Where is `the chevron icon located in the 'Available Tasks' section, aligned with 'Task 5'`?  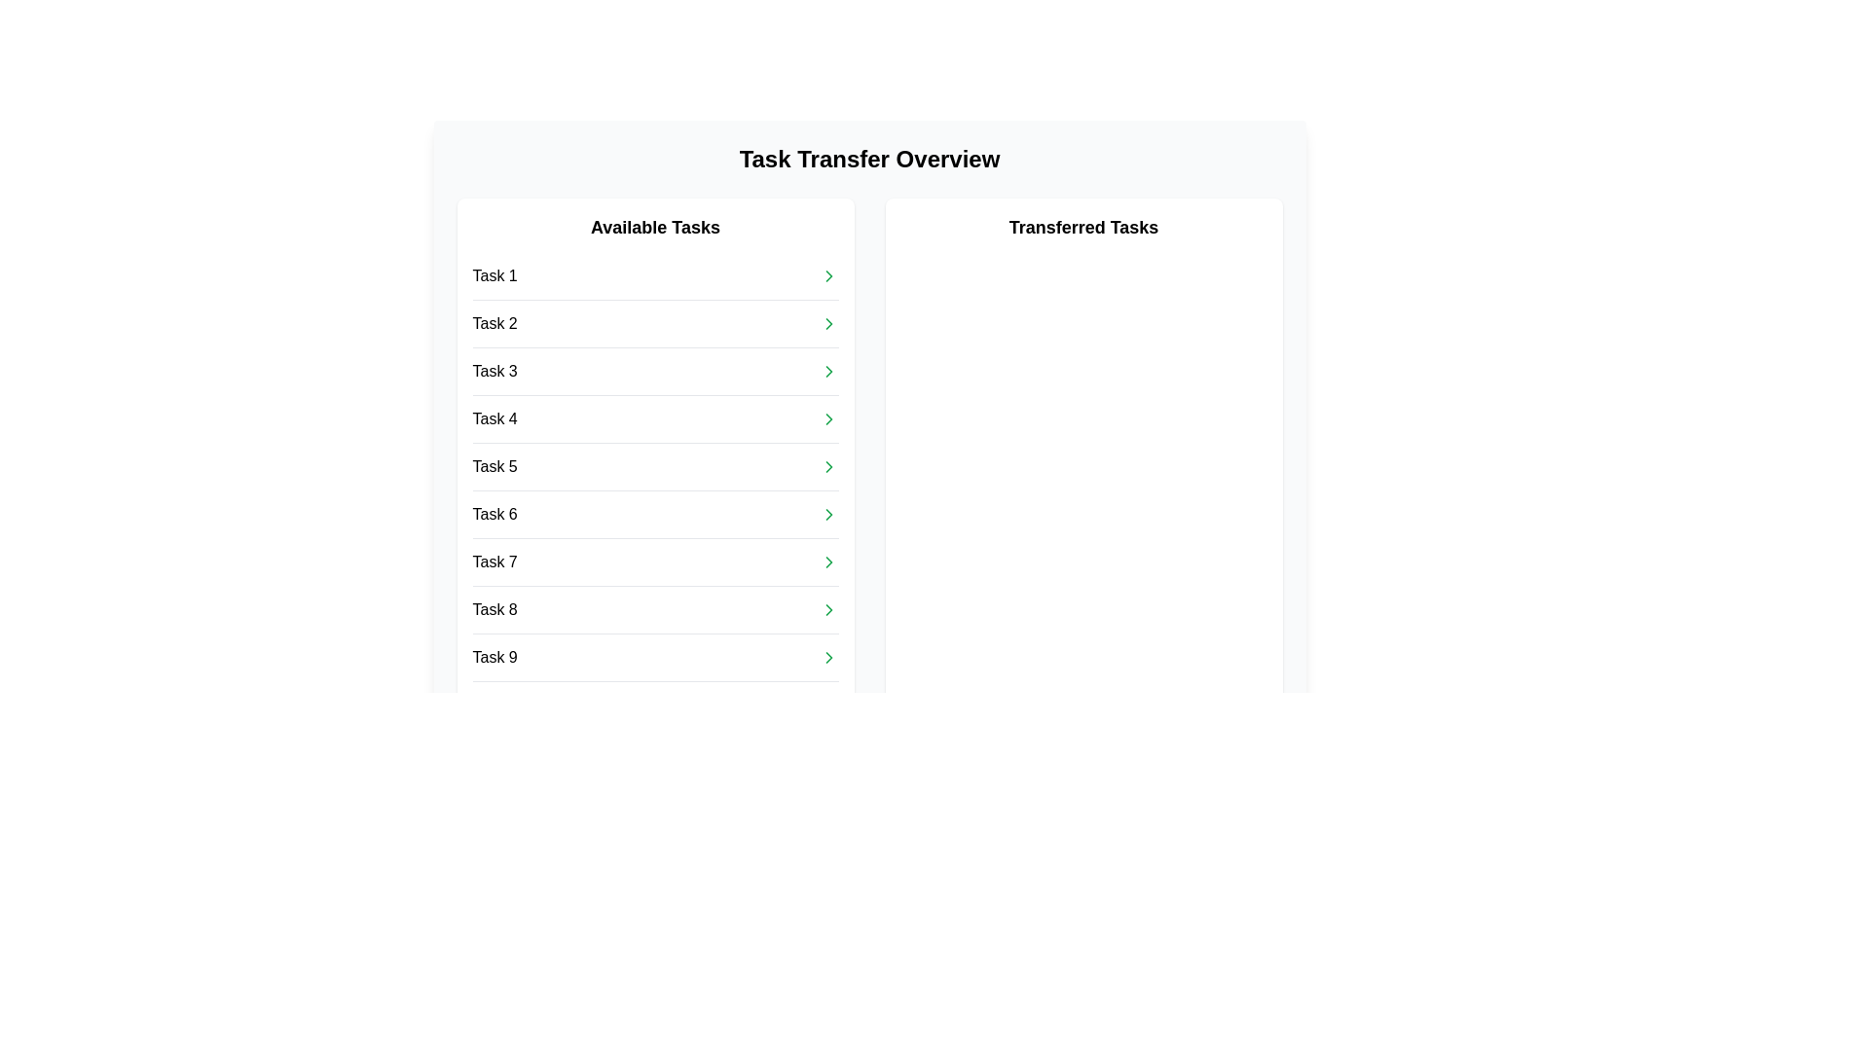
the chevron icon located in the 'Available Tasks' section, aligned with 'Task 5' is located at coordinates (828, 466).